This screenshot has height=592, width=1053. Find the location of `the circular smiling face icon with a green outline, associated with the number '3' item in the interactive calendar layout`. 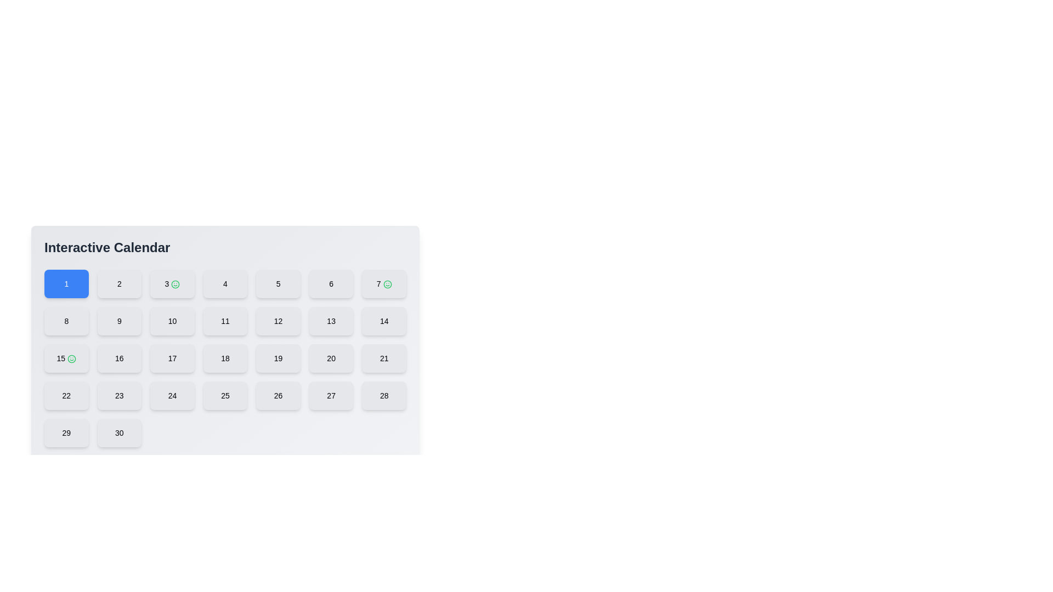

the circular smiling face icon with a green outline, associated with the number '3' item in the interactive calendar layout is located at coordinates (175, 284).